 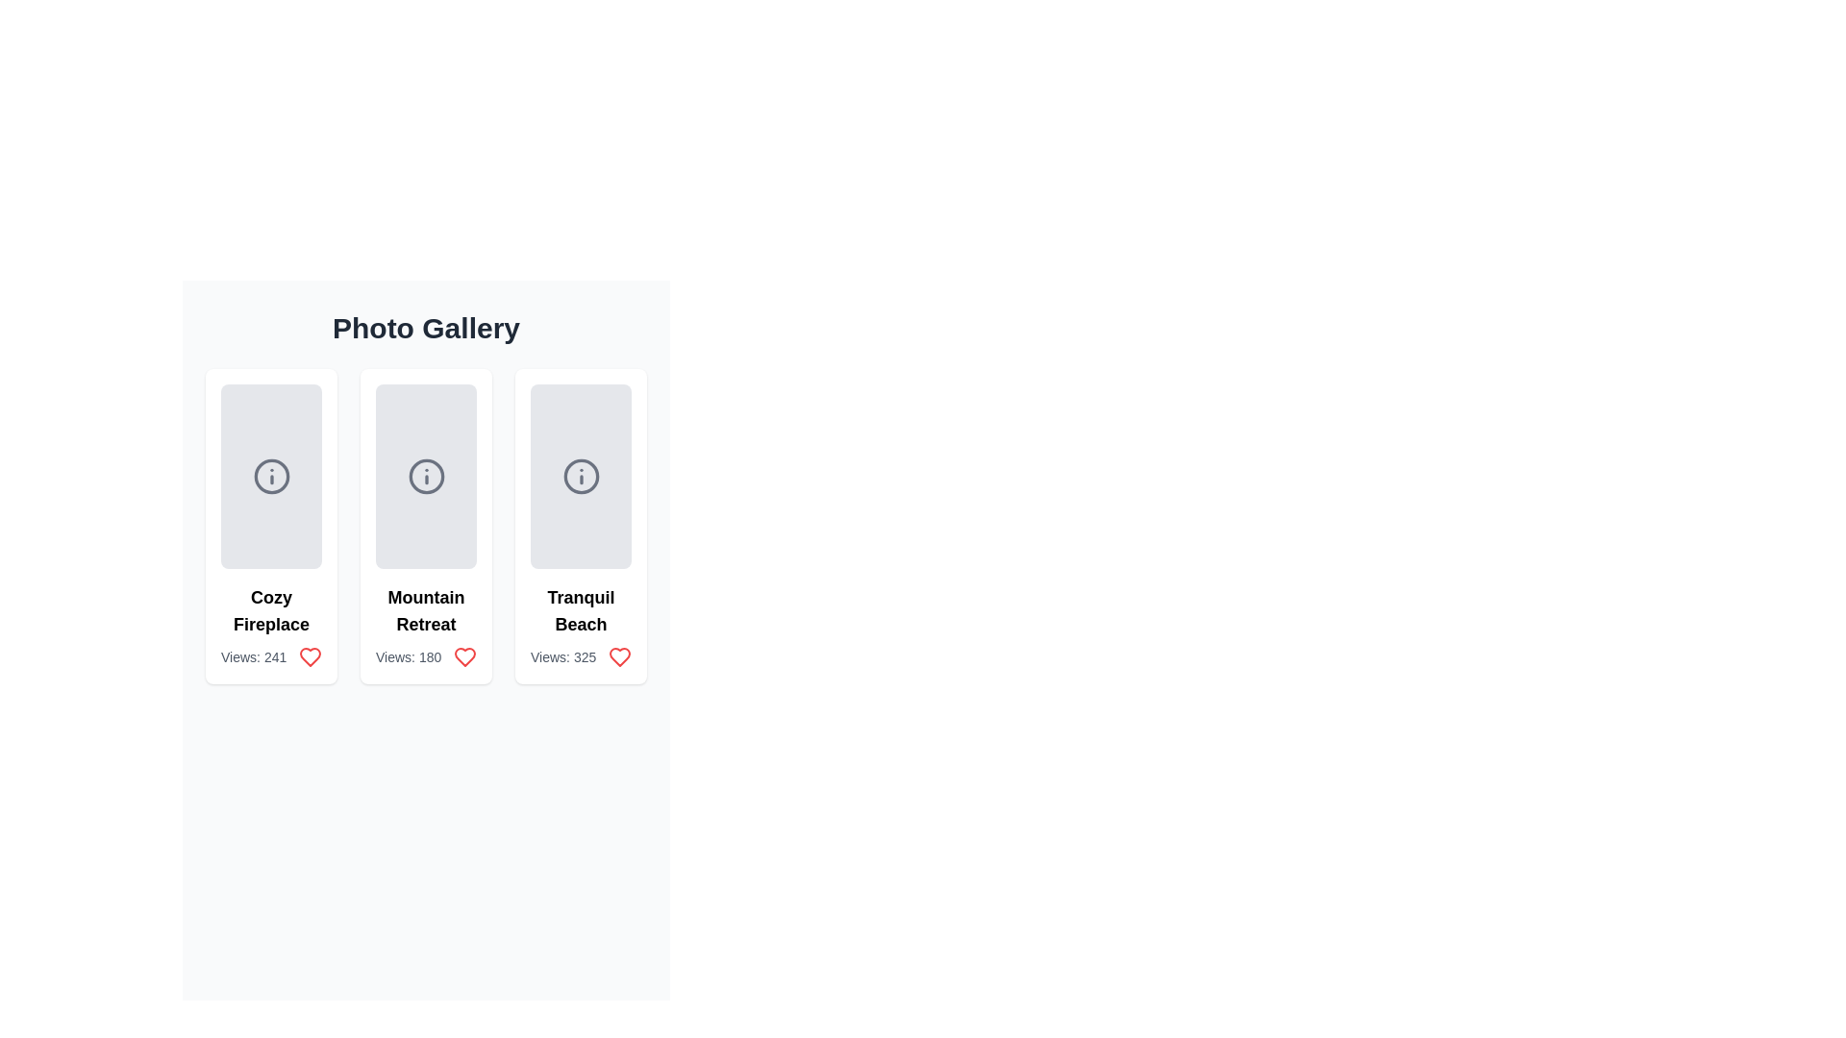 What do you see at coordinates (580, 476) in the screenshot?
I see `the informational icon centered in the 'Tranquil Beach' card, which is the third card in the horizontal series` at bounding box center [580, 476].